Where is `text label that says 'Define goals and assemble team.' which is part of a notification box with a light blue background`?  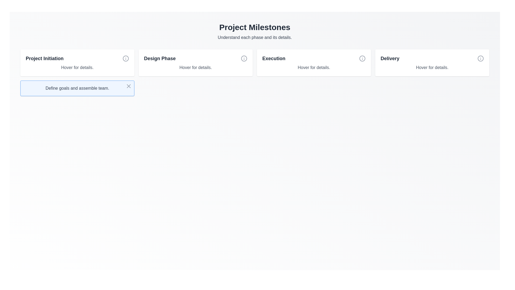 text label that says 'Define goals and assemble team.' which is part of a notification box with a light blue background is located at coordinates (77, 88).